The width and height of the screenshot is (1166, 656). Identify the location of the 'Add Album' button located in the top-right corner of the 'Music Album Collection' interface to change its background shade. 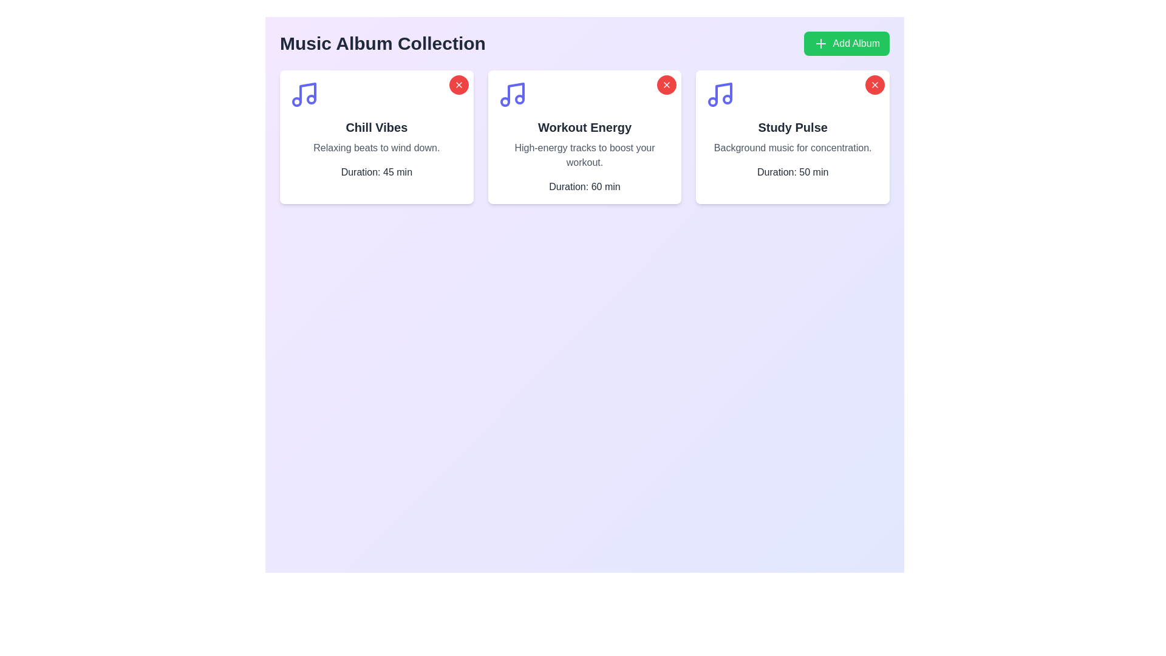
(846, 43).